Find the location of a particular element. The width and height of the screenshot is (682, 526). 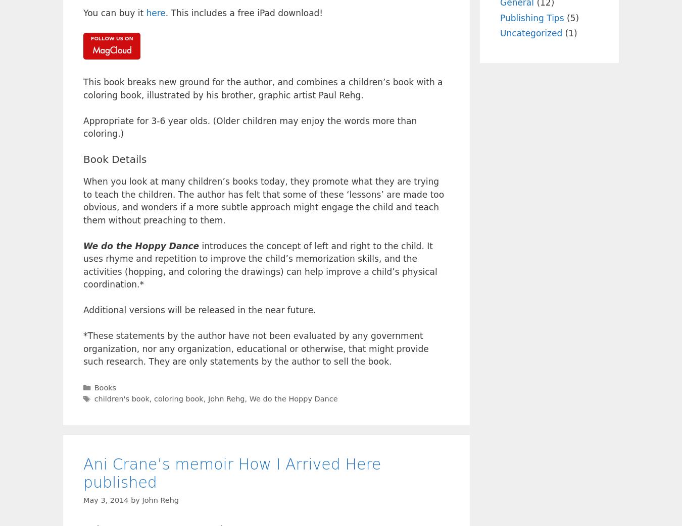

'You can buy it' is located at coordinates (114, 12).